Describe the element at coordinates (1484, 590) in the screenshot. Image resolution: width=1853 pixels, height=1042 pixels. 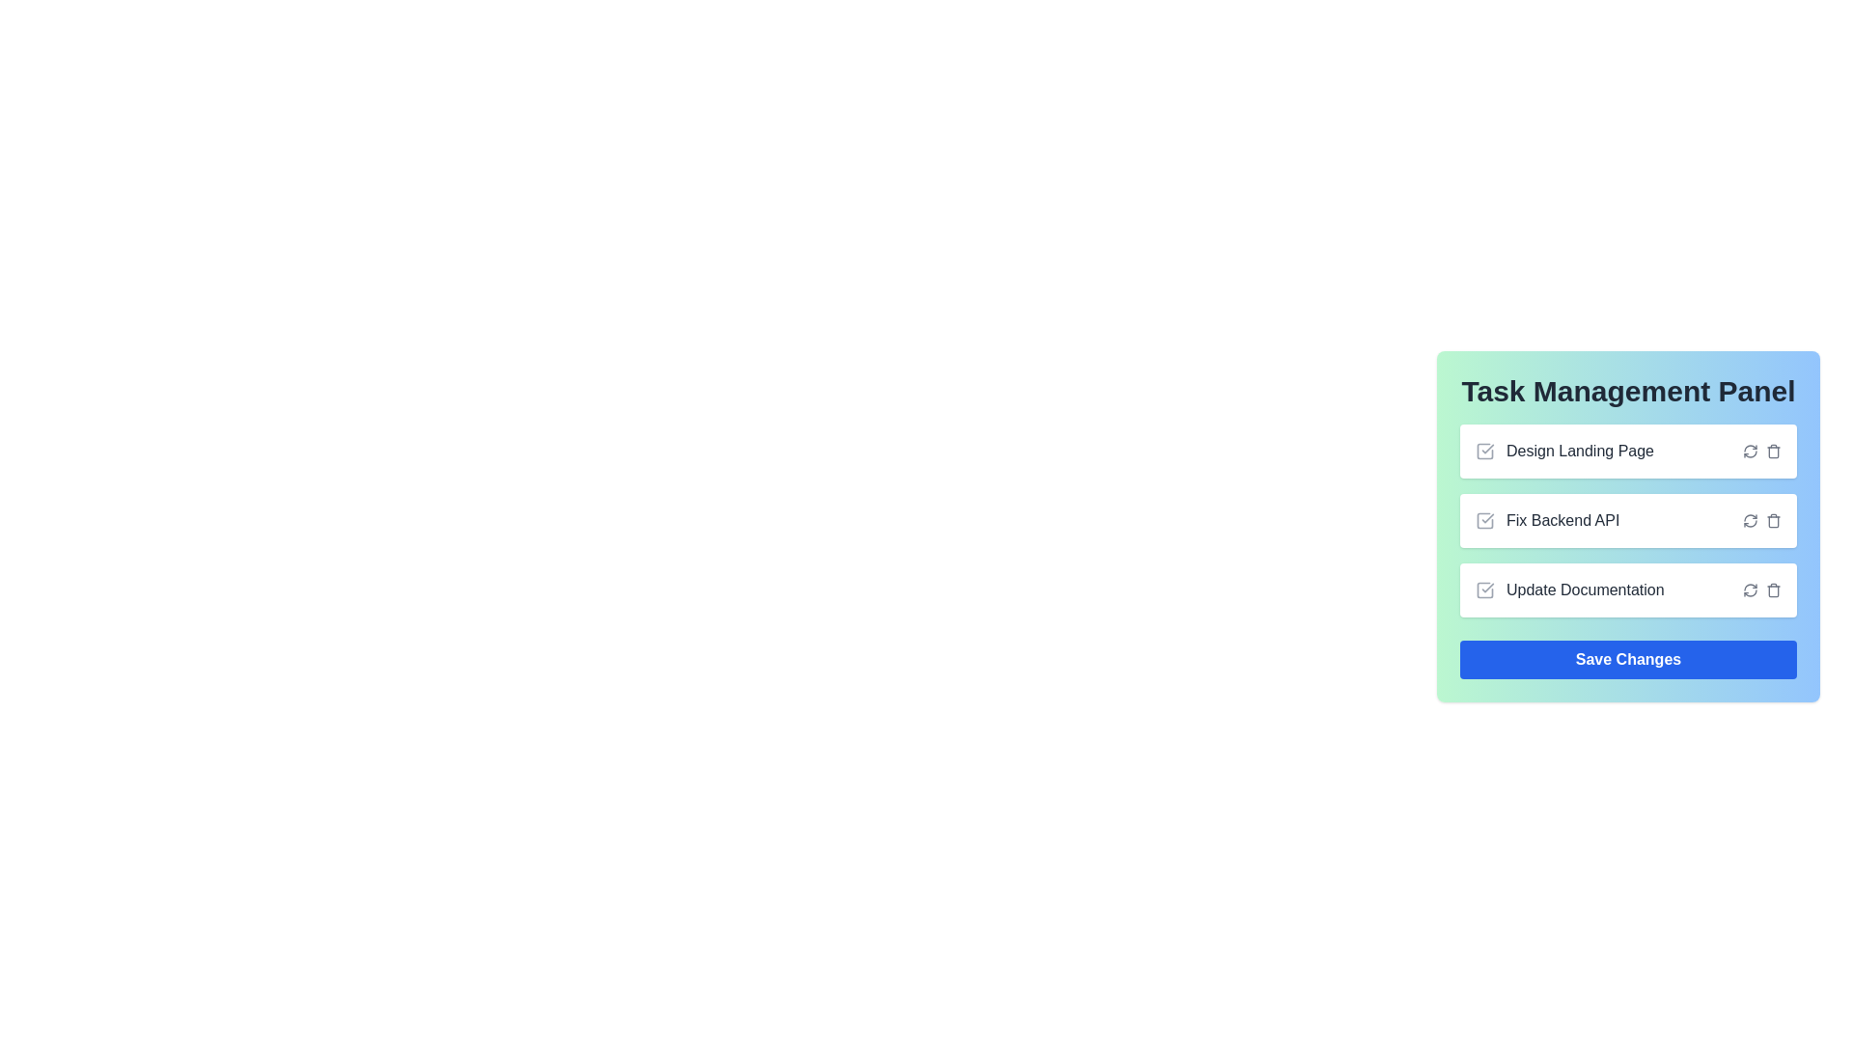
I see `the checkbox located next to the text 'Update Documentation'` at that location.